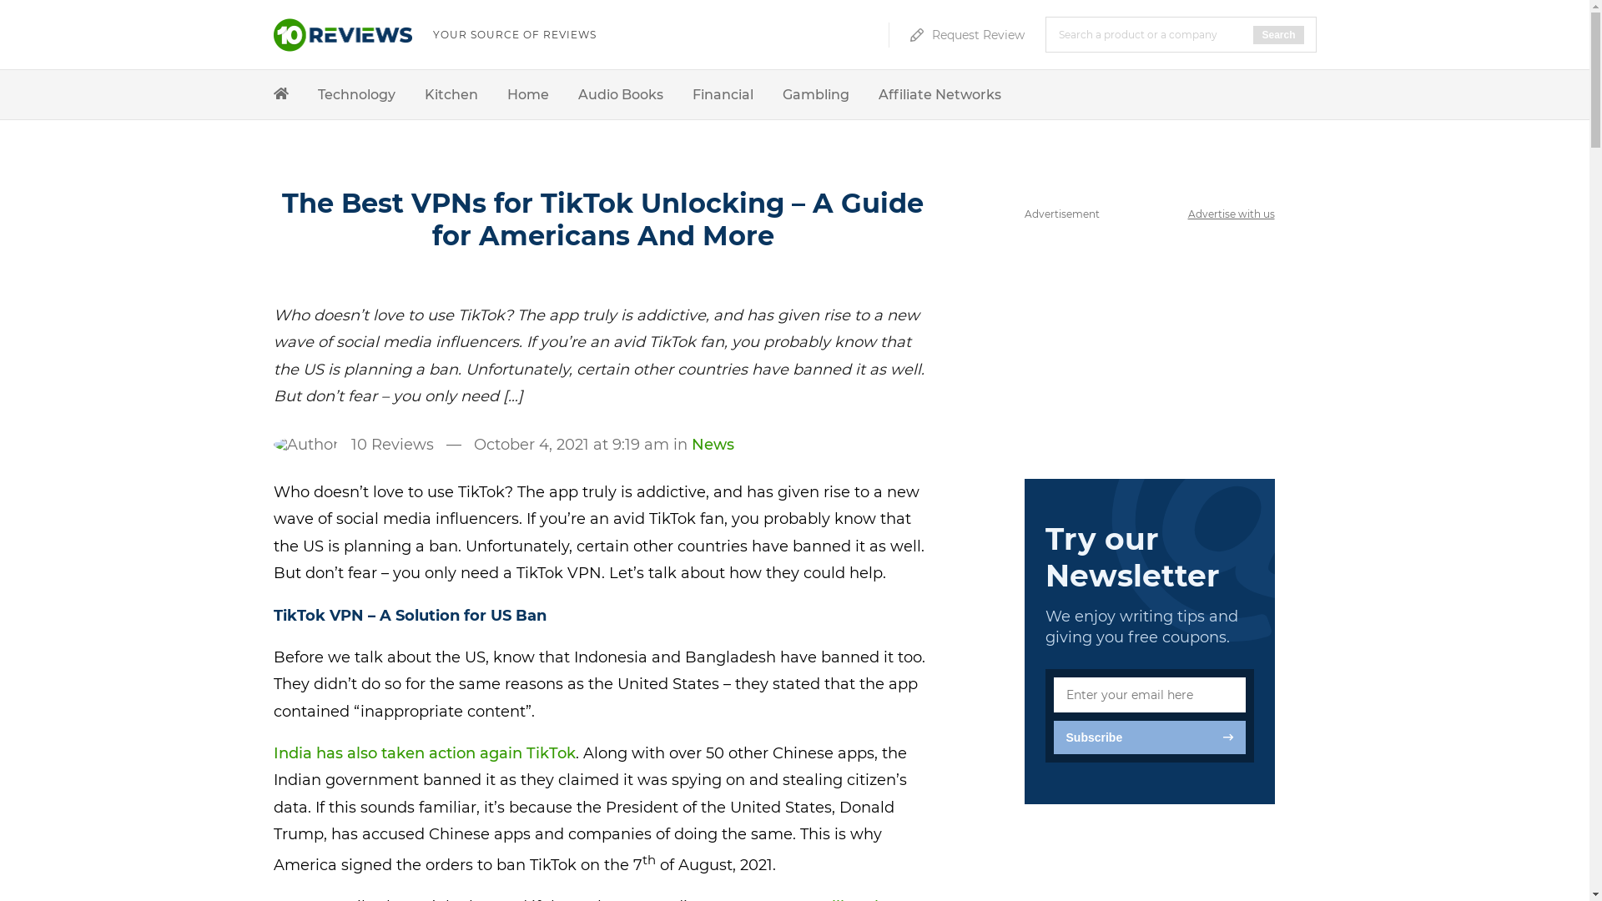 The image size is (1602, 901). Describe the element at coordinates (342, 45) in the screenshot. I see `'10reviews'` at that location.